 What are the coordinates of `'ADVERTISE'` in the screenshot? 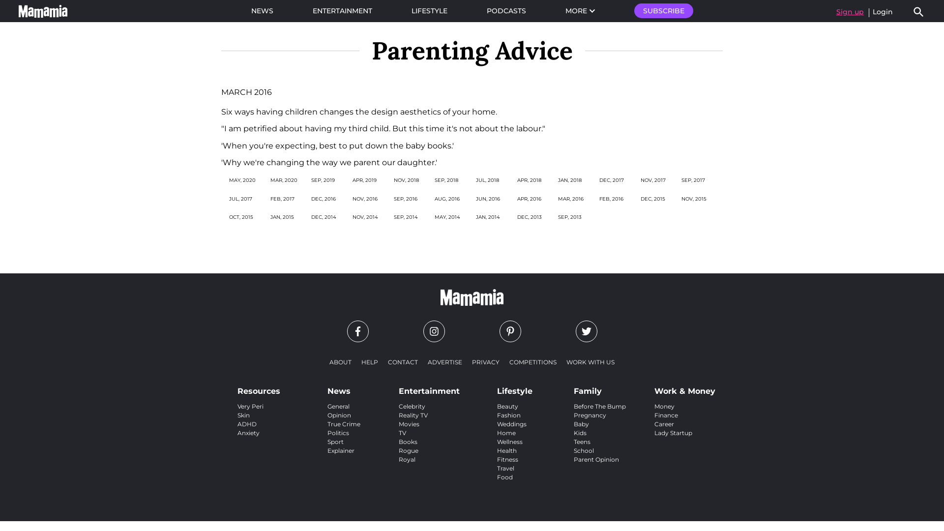 It's located at (444, 362).